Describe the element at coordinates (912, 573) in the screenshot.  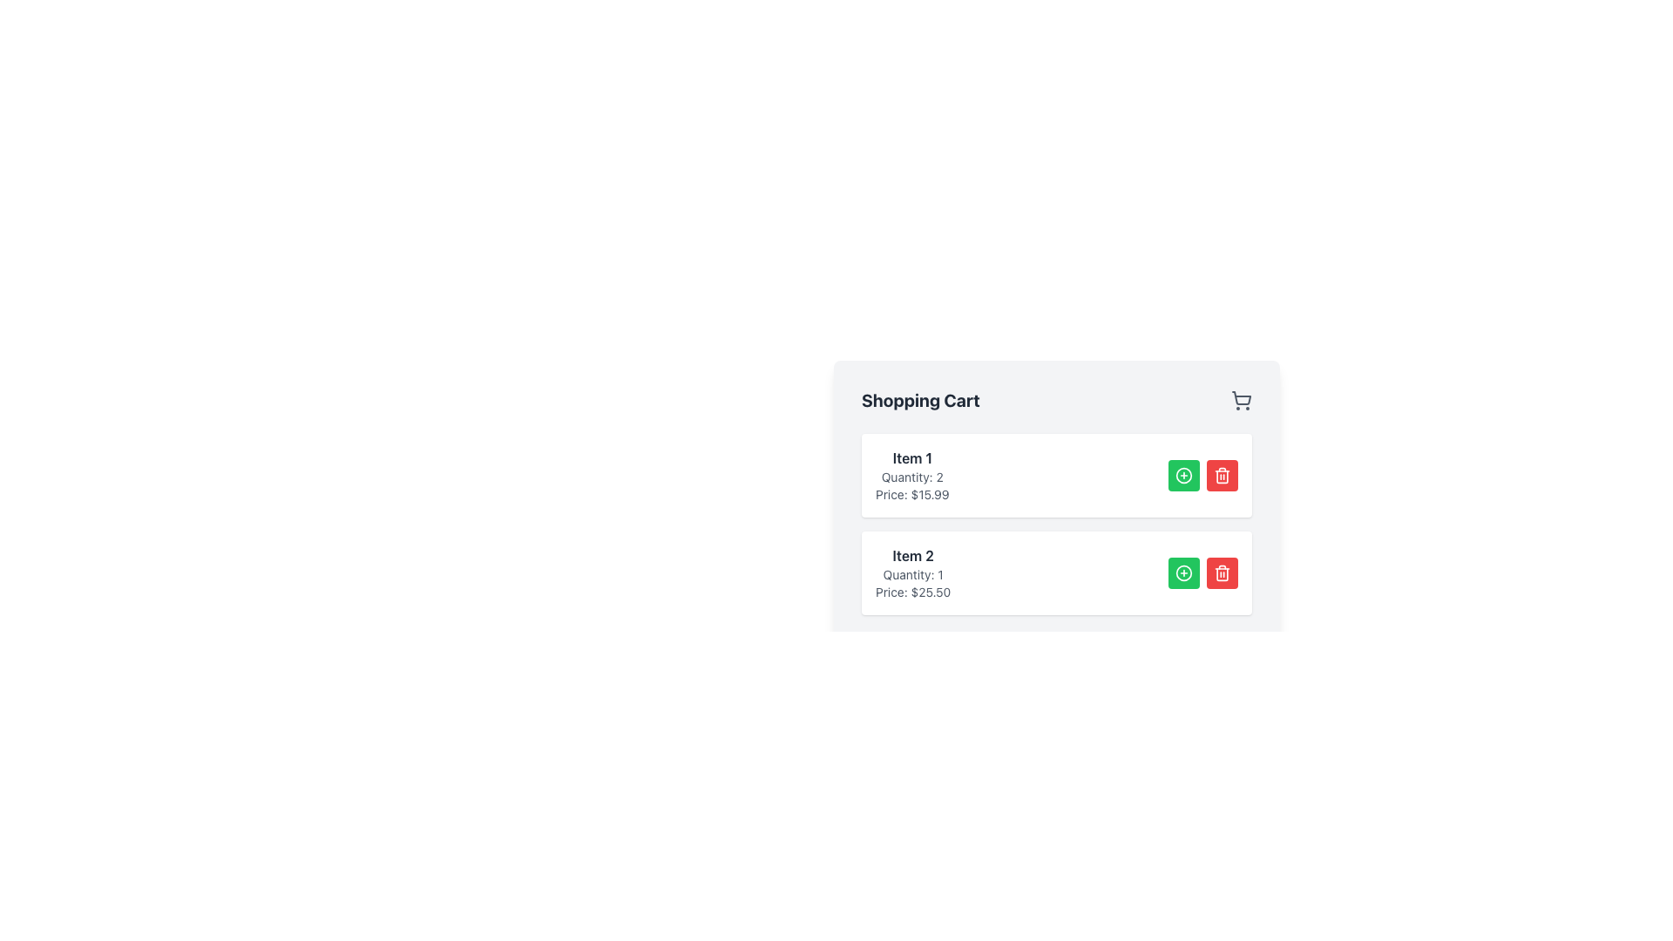
I see `the text element displaying information about 'Item 2' in the shopping cart, which includes the item name, quantity, and price` at that location.